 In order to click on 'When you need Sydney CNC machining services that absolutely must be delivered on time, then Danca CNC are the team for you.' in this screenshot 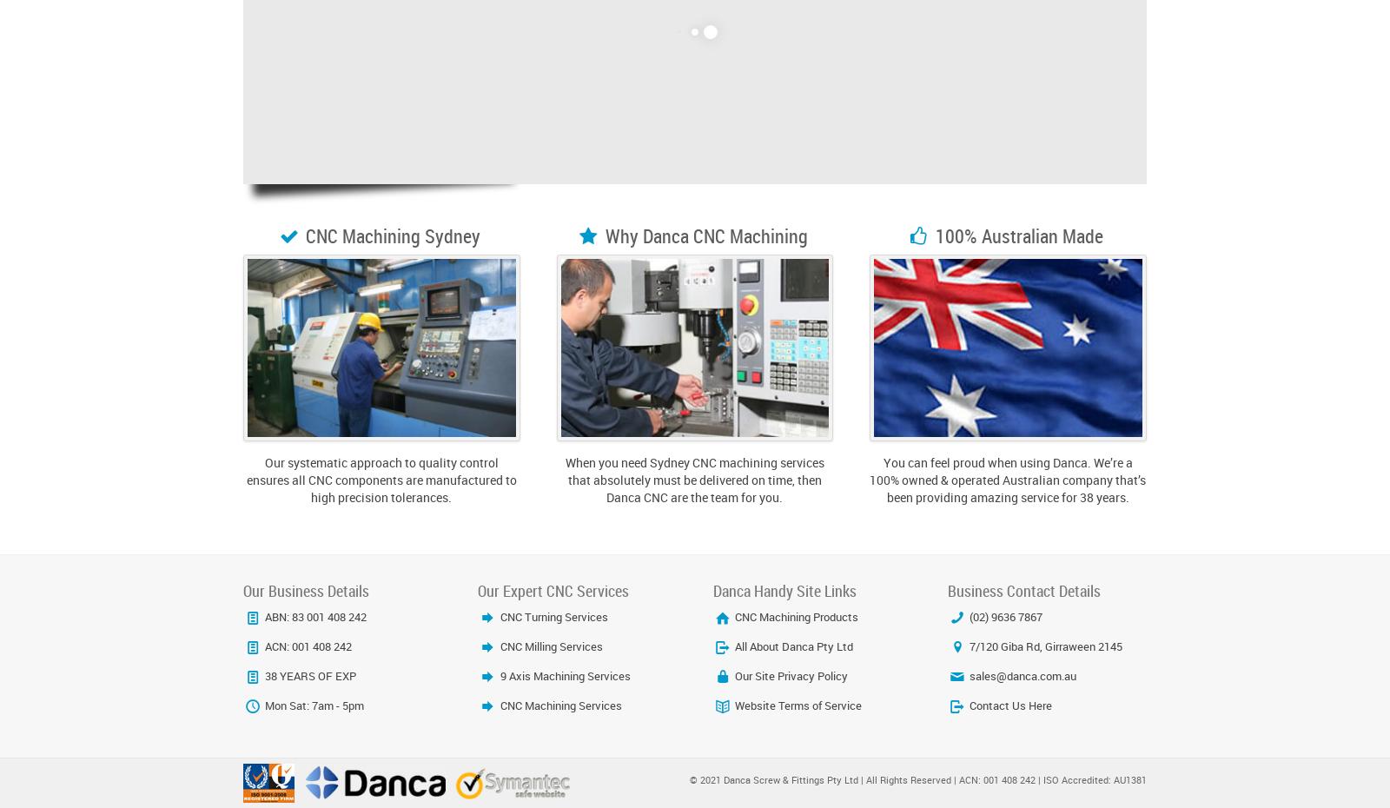, I will do `click(694, 479)`.